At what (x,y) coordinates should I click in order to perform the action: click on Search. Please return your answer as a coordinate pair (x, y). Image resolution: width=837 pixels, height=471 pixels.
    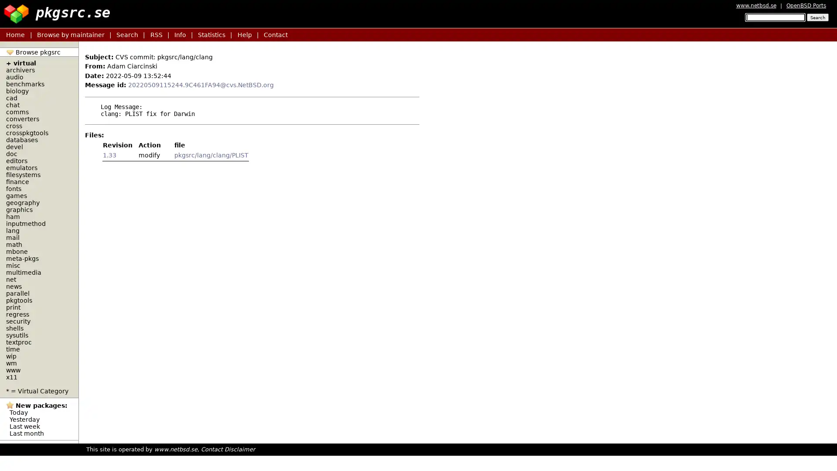
    Looking at the image, I should click on (817, 17).